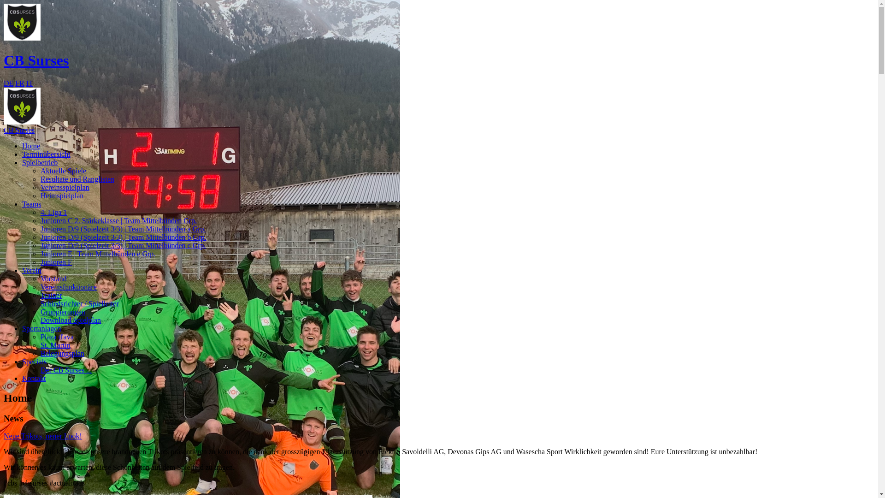 The height and width of the screenshot is (498, 885). I want to click on 'DE', so click(8, 83).